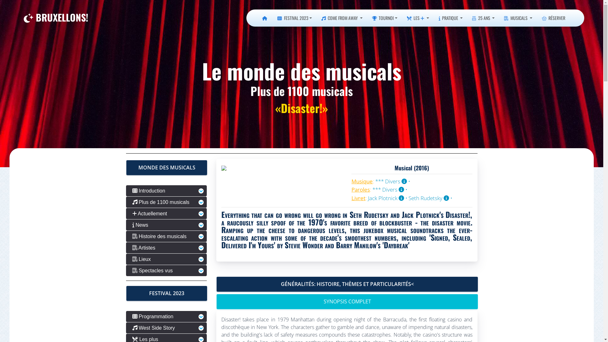 This screenshot has height=342, width=608. Describe the element at coordinates (418, 18) in the screenshot. I see `'LES'` at that location.